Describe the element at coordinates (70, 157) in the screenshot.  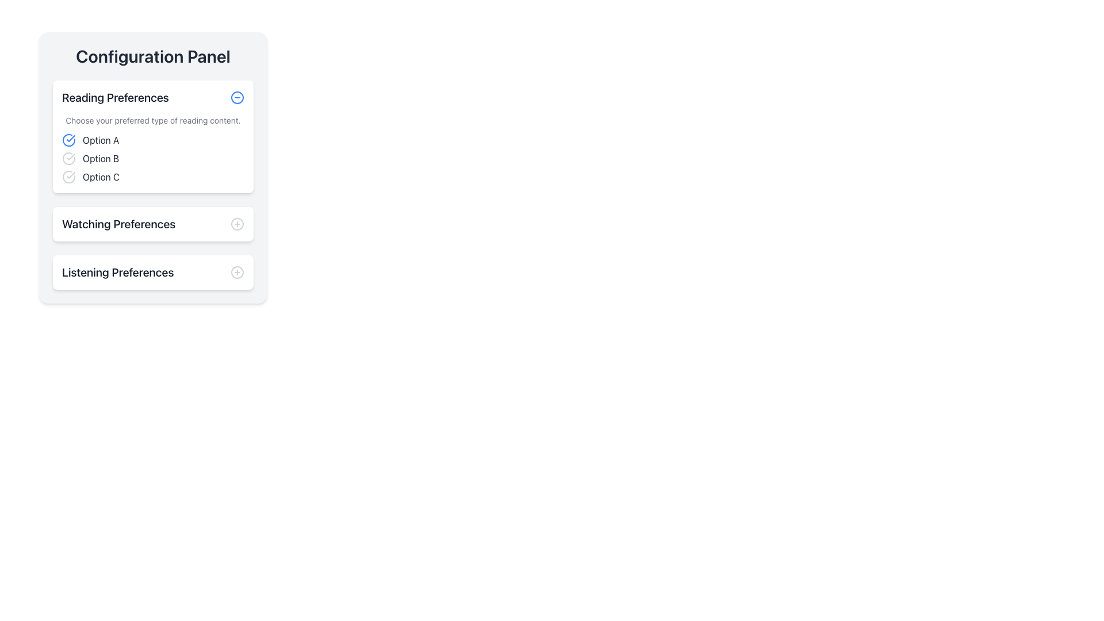
I see `the graphical checkmark within the SVG icon located inside the 'Configuration Panel', representing verification or completion` at that location.